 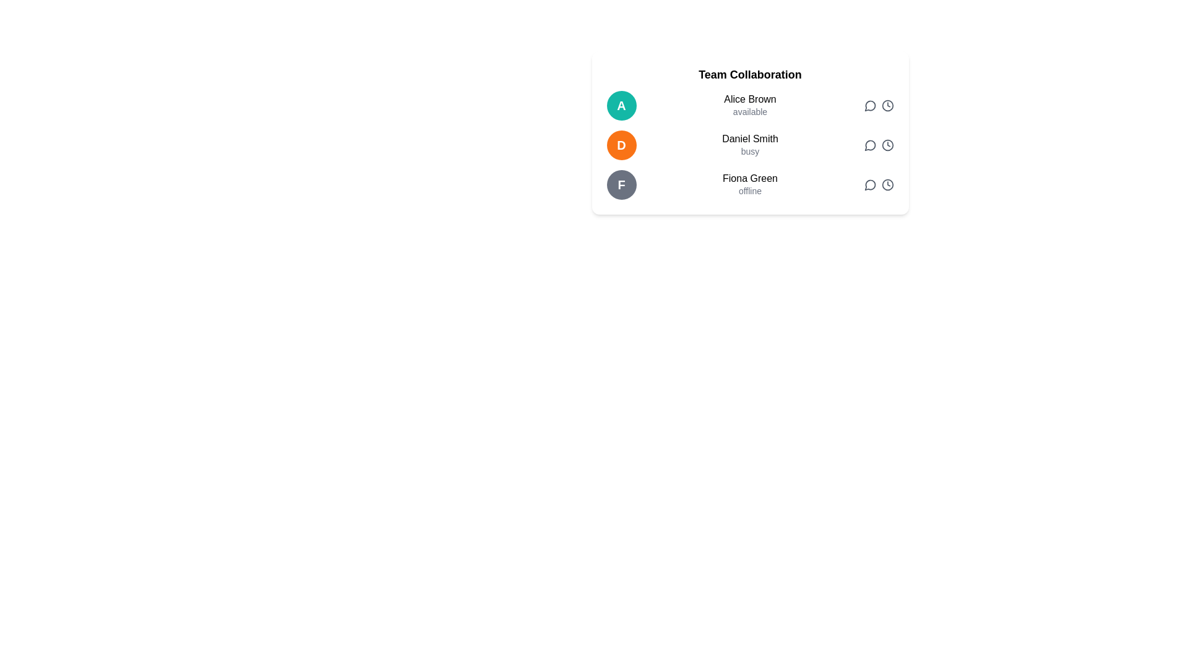 I want to click on the chat icon in the action buttons group located in the top-right corner of the section associated with the contact 'Alice Brown' to initiate a conversation, so click(x=878, y=105).